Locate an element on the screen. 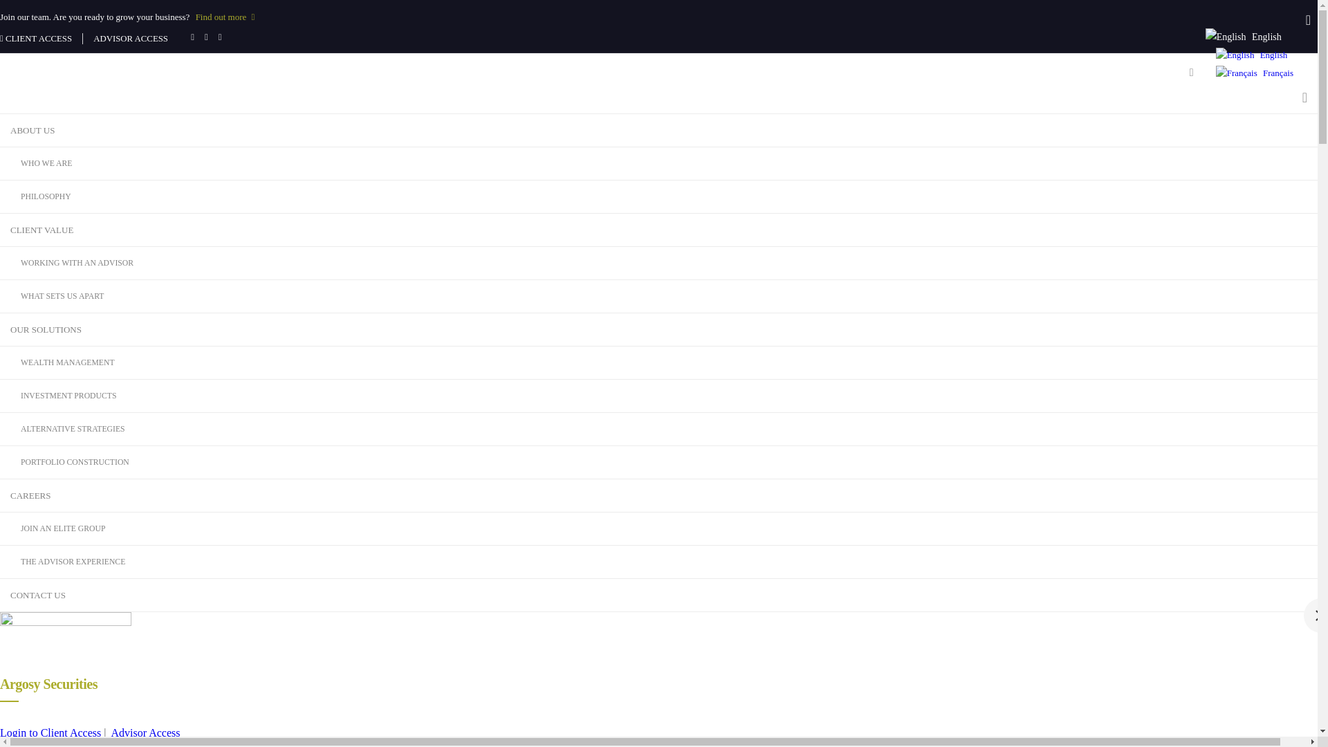  'ADVISOR ACCESS' is located at coordinates (131, 38).